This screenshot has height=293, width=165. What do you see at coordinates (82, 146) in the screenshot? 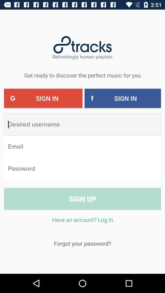
I see `email address` at bounding box center [82, 146].